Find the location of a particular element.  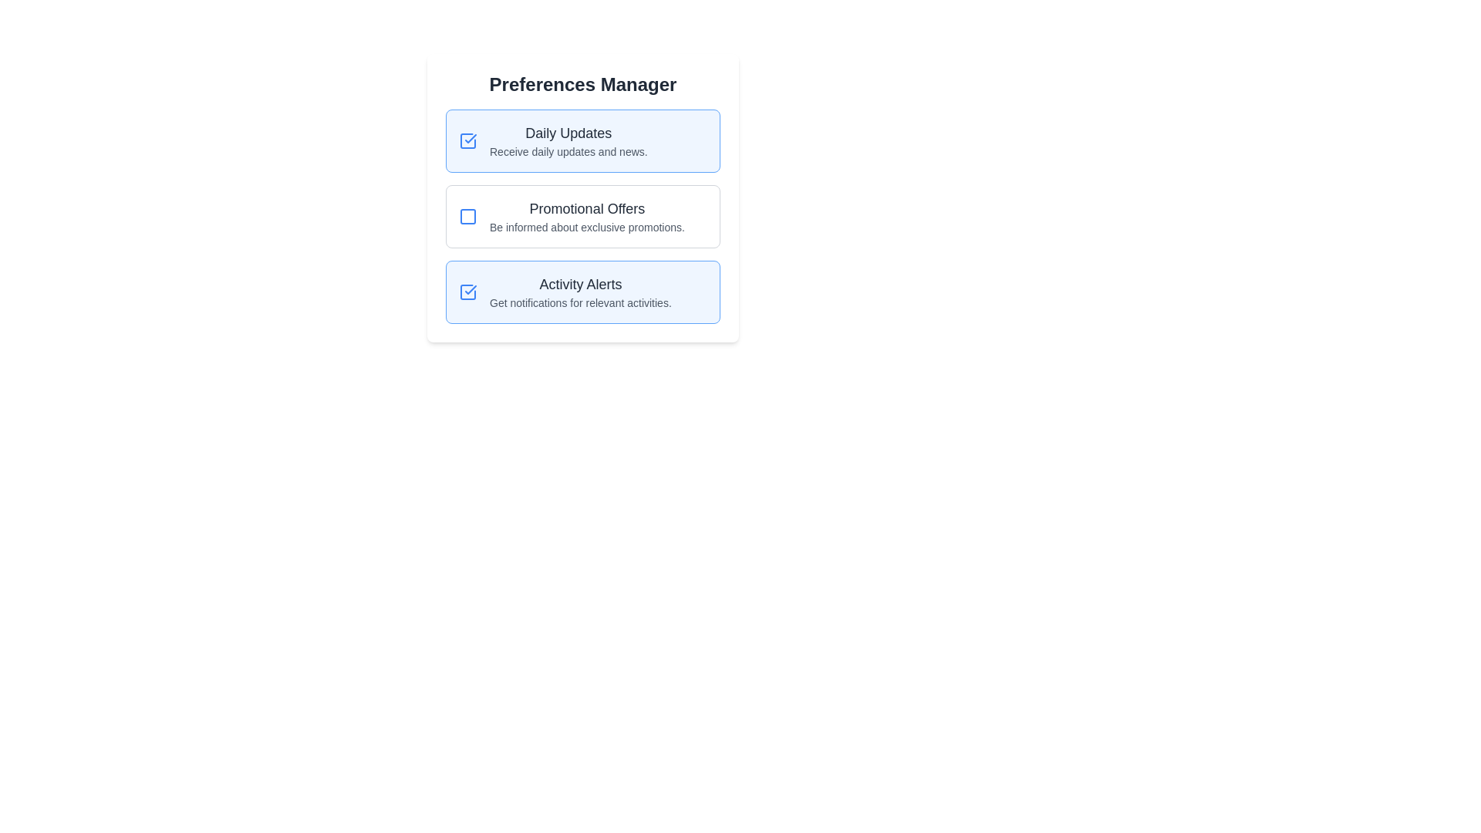

the text label that provides context for the 'Daily Updates' option, located beneath the 'Daily Updates' text in the 'Preferences Manager' section is located at coordinates (568, 151).